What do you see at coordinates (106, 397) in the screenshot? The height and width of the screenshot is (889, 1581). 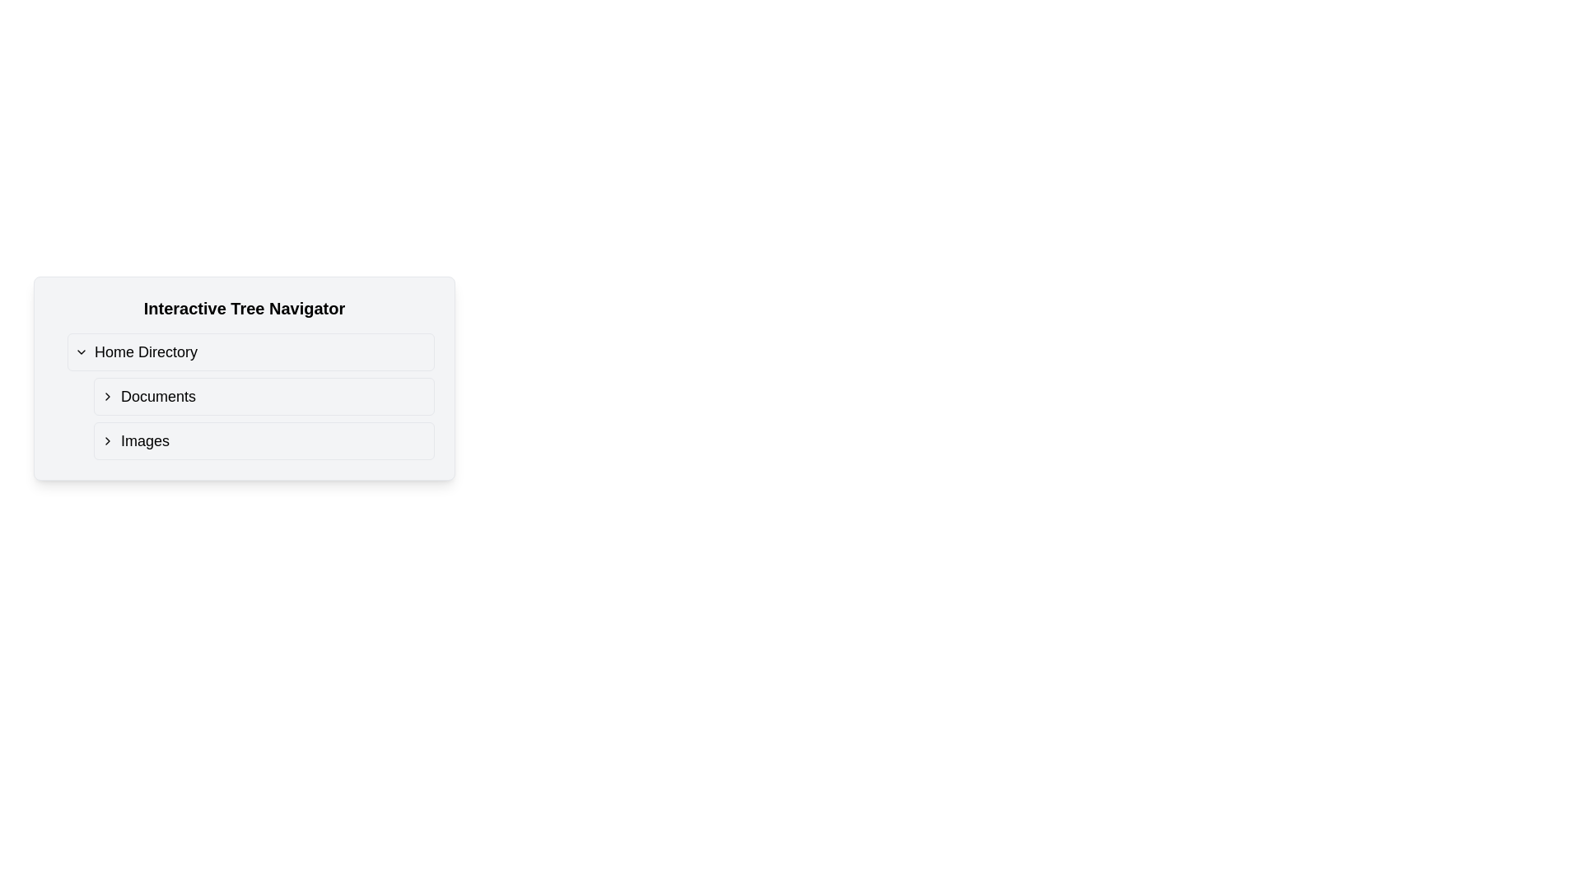 I see `the expansion icon on the left of the 'Documents' label` at bounding box center [106, 397].